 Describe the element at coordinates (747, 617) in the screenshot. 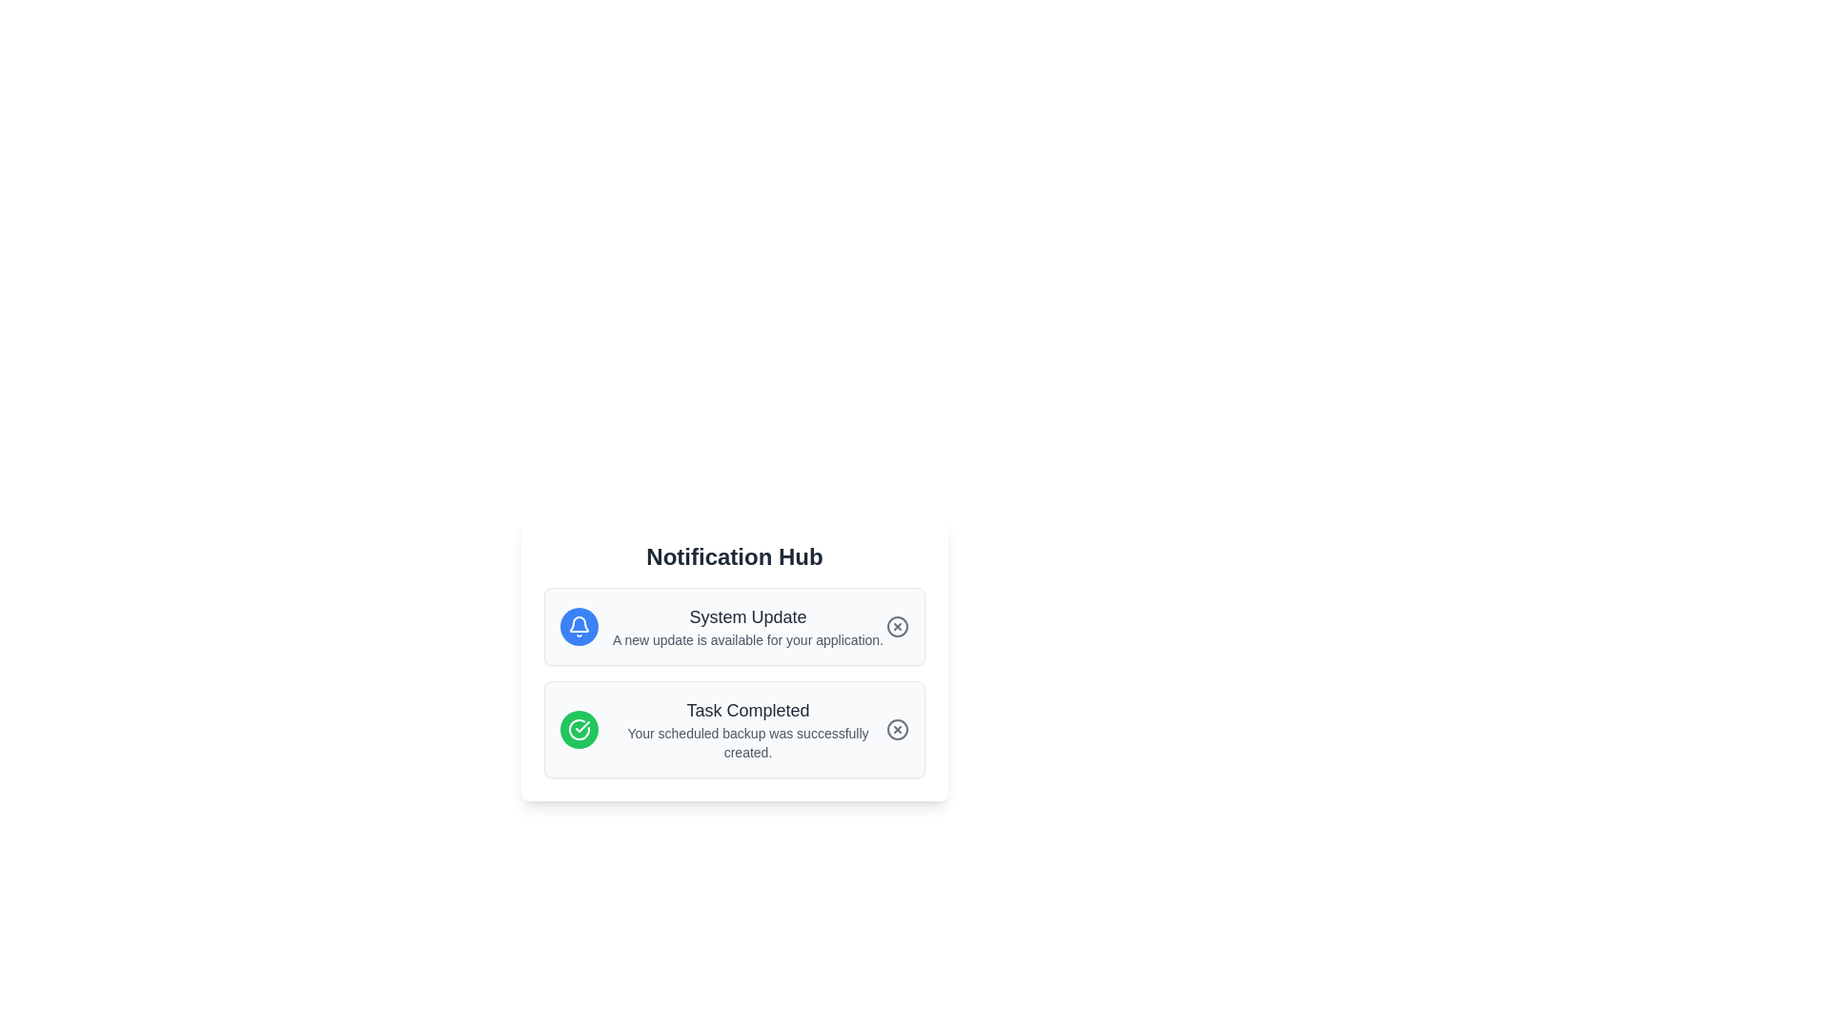

I see `the bold text label that reads 'System Update' styled in dark gray, located at the top of a notification block` at that location.